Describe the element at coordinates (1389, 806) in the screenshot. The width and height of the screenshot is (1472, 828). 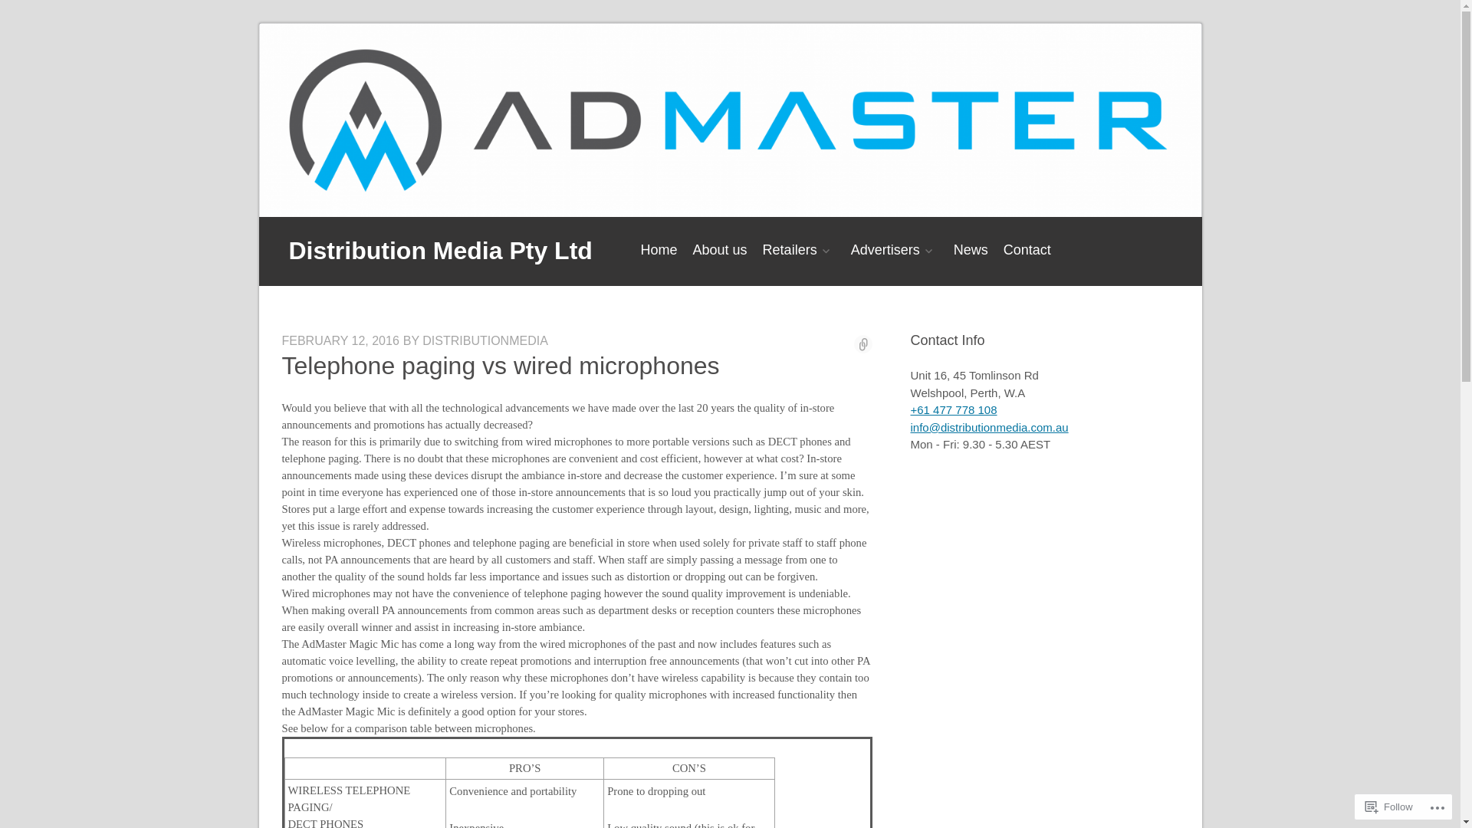
I see `'Follow'` at that location.